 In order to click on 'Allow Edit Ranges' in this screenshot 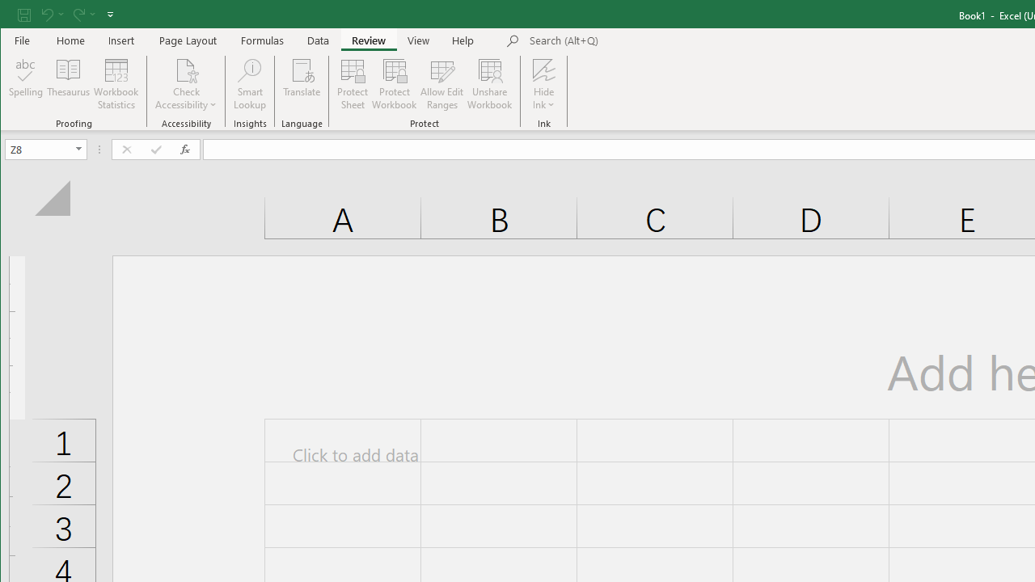, I will do `click(442, 84)`.